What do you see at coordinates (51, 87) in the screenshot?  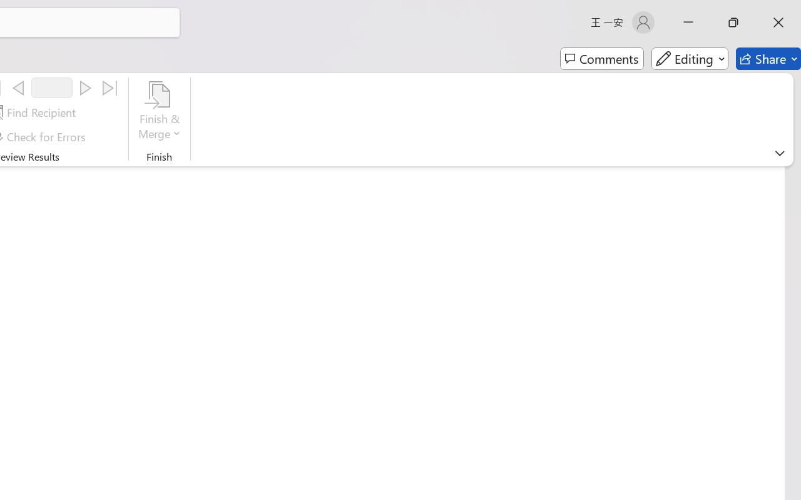 I see `'Record'` at bounding box center [51, 87].